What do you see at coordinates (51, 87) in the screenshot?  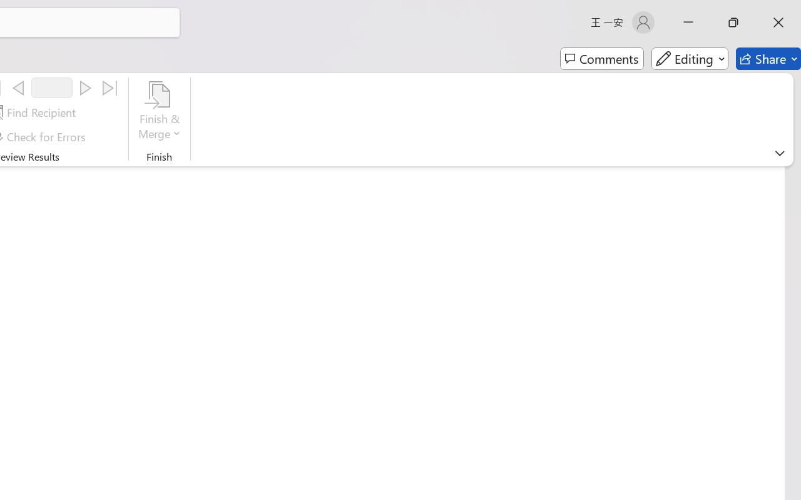 I see `'Record'` at bounding box center [51, 87].